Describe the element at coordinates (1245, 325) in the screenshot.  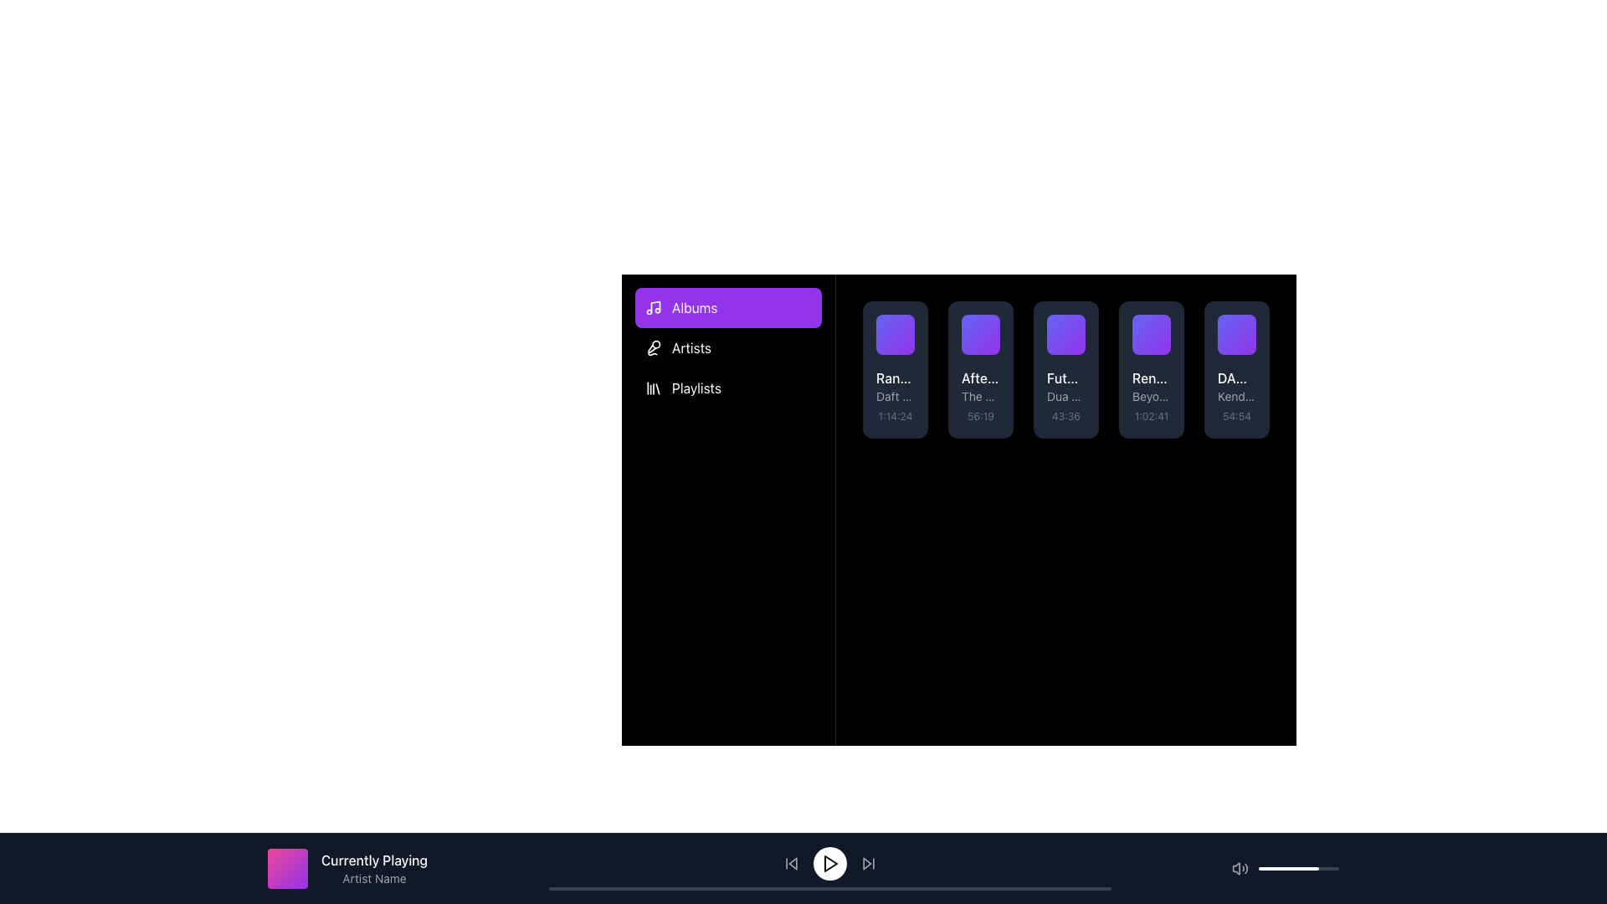
I see `the heart-shaped icon located in the top-right corner of the fifth widget from the left to favorite the album` at that location.